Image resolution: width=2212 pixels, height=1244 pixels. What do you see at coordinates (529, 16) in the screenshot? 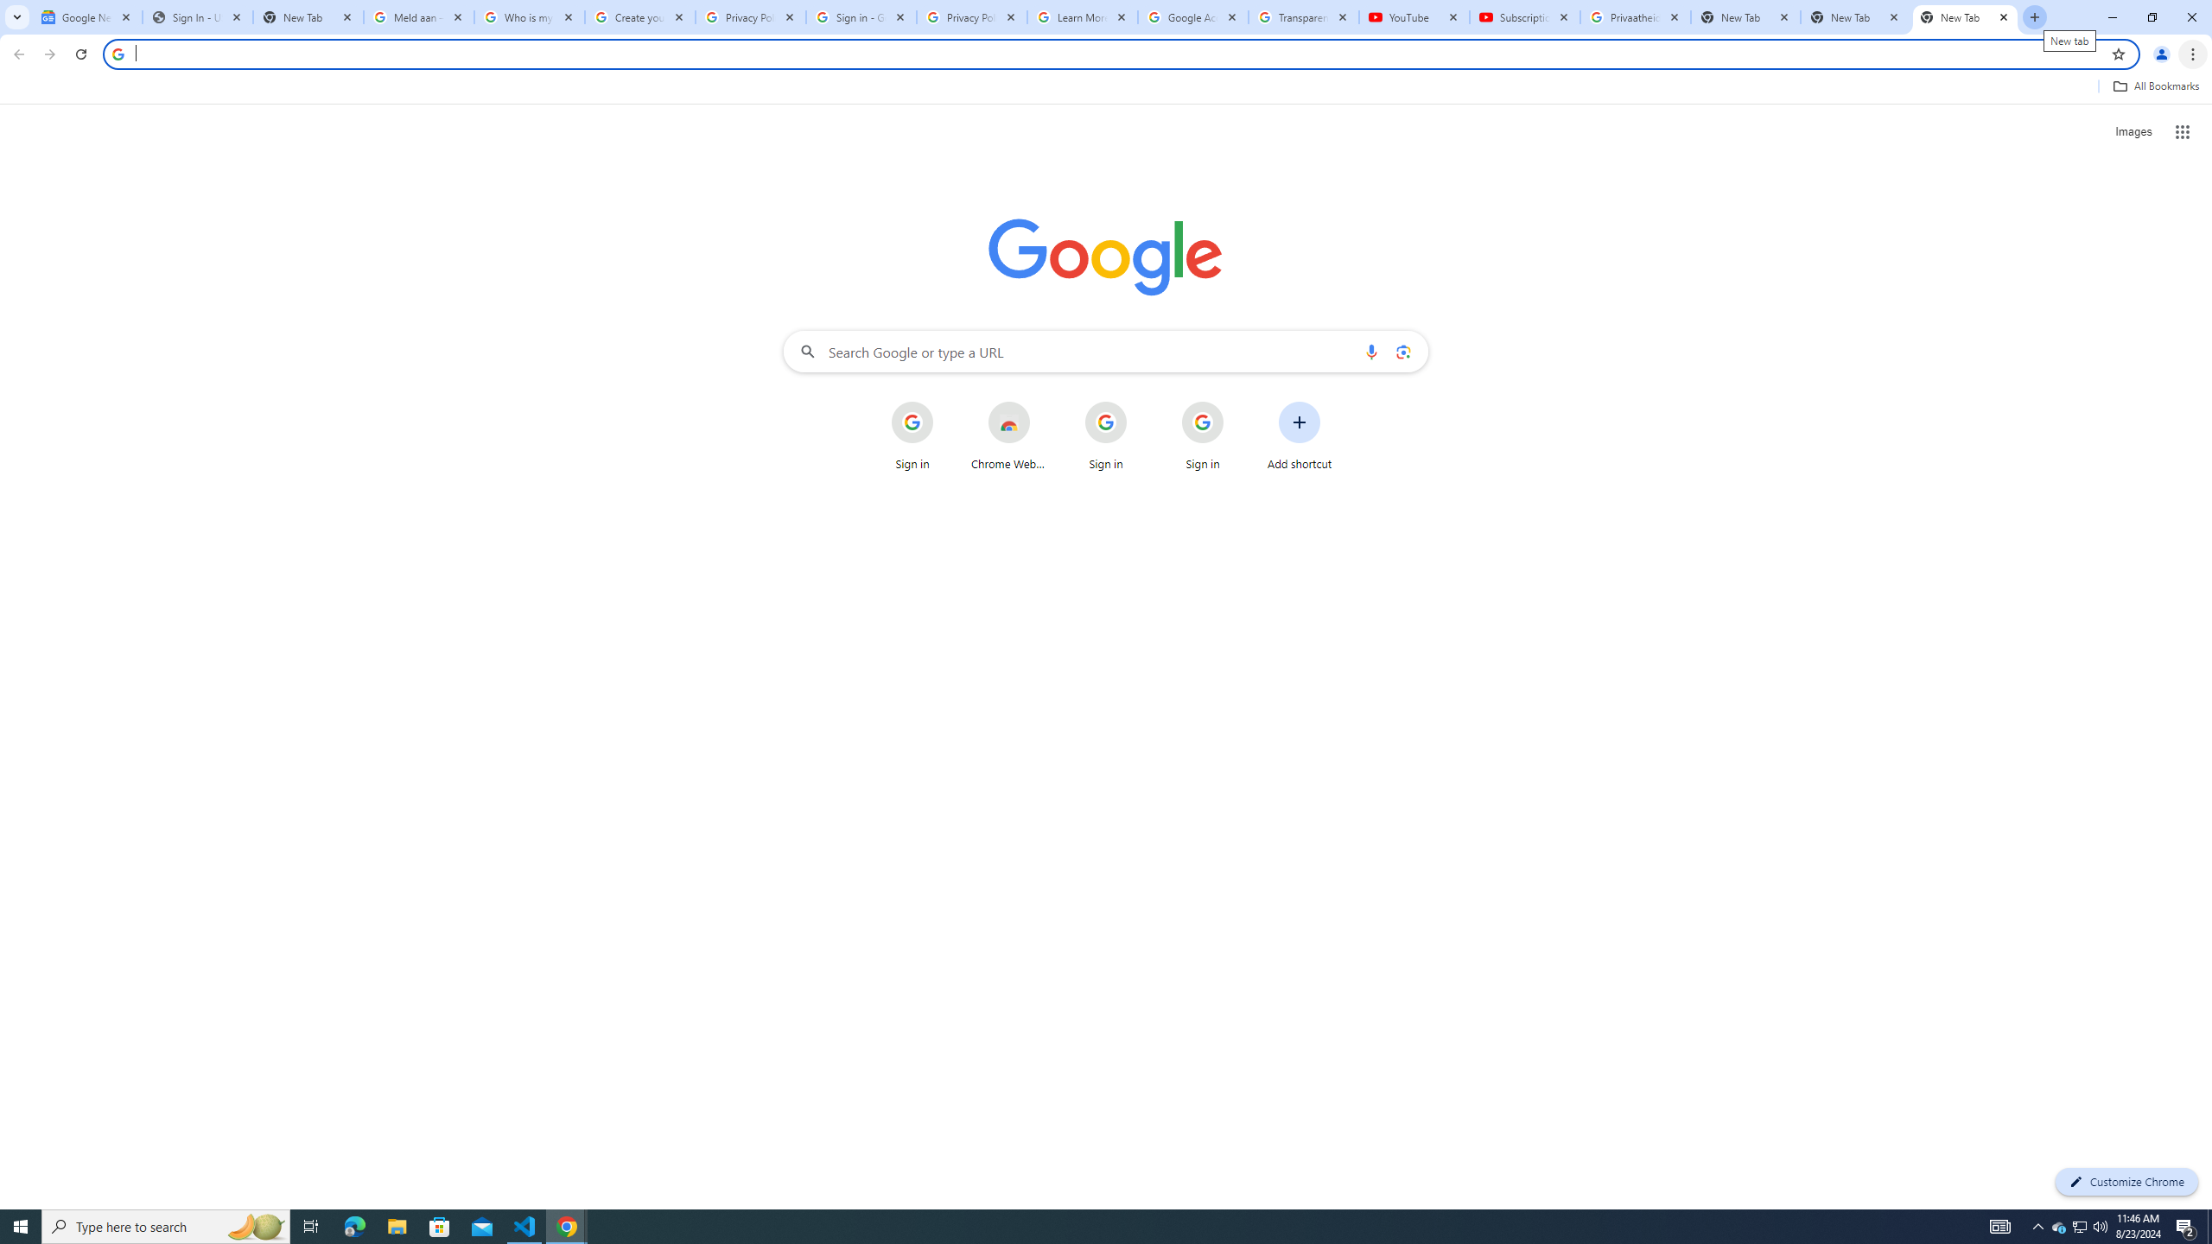
I see `'Who is my administrator? - Google Account Help'` at bounding box center [529, 16].